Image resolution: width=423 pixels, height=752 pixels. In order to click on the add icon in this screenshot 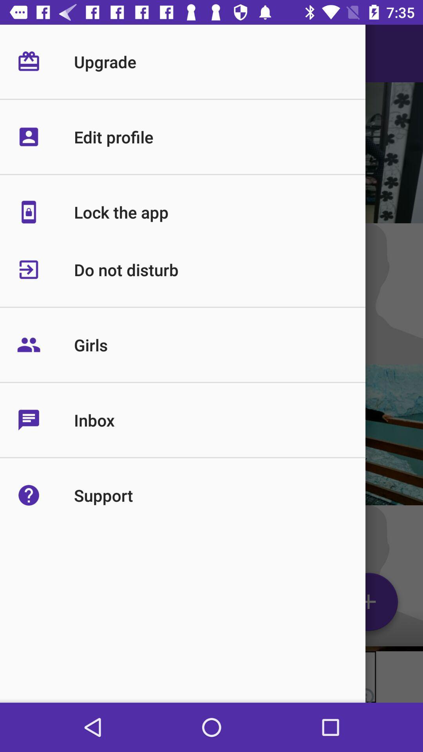, I will do `click(369, 604)`.